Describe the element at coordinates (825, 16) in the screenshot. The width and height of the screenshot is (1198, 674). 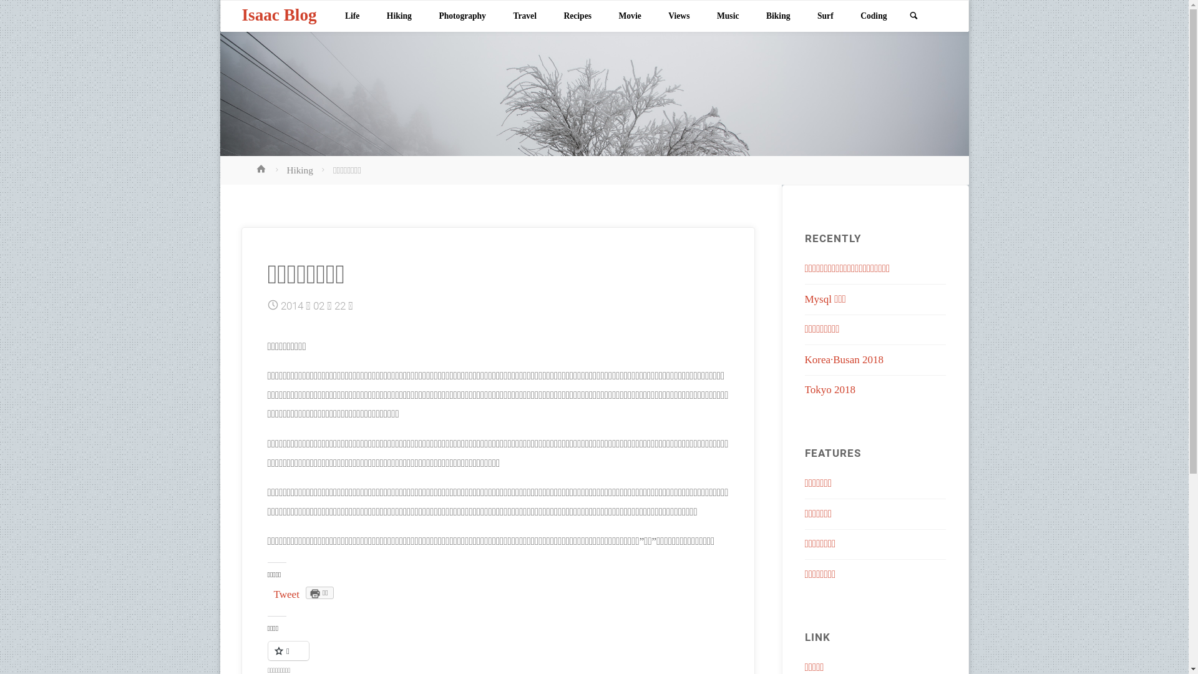
I see `'Surf'` at that location.